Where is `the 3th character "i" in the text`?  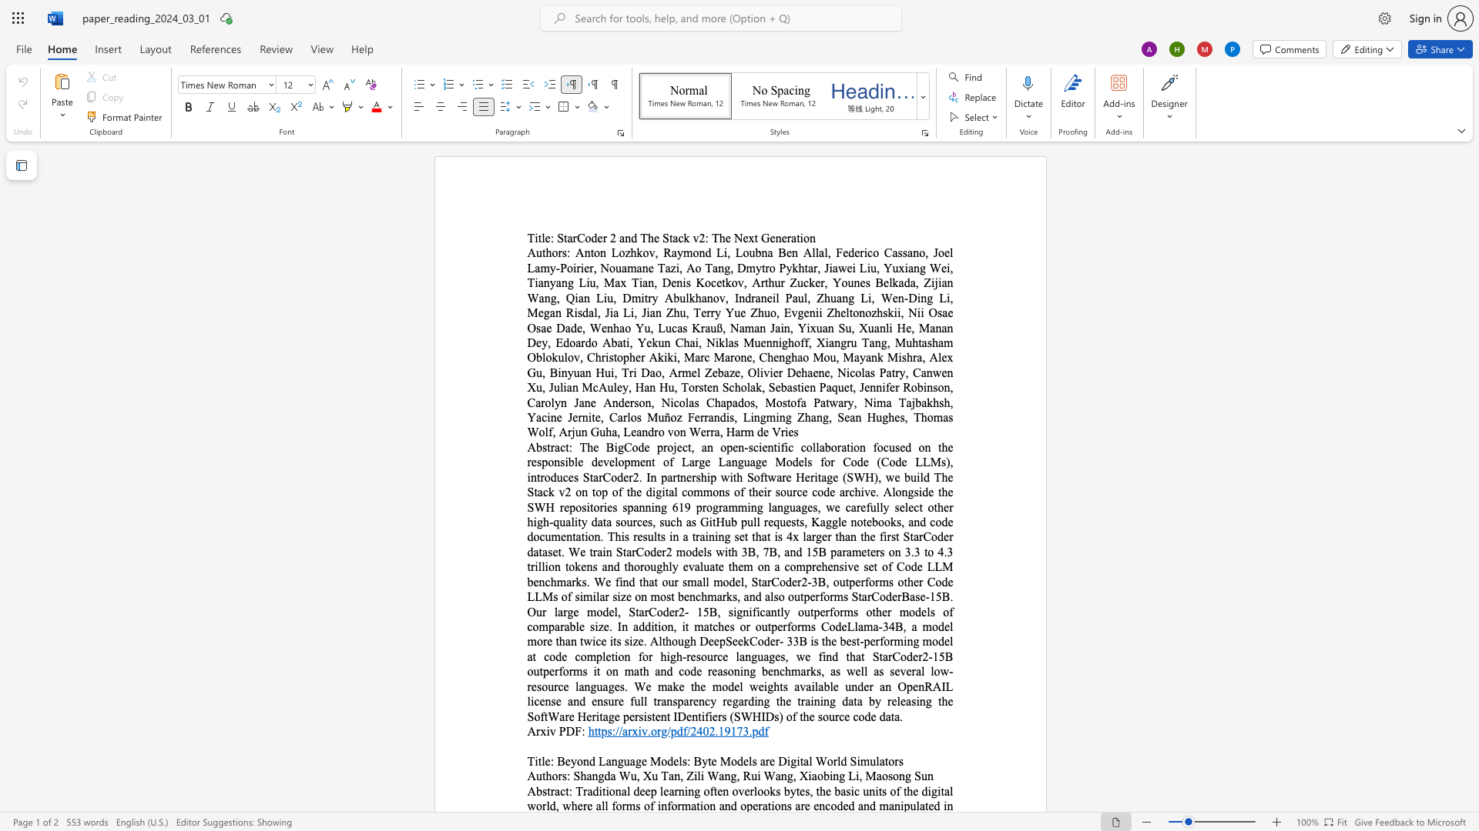
the 3th character "i" in the text is located at coordinates (857, 776).